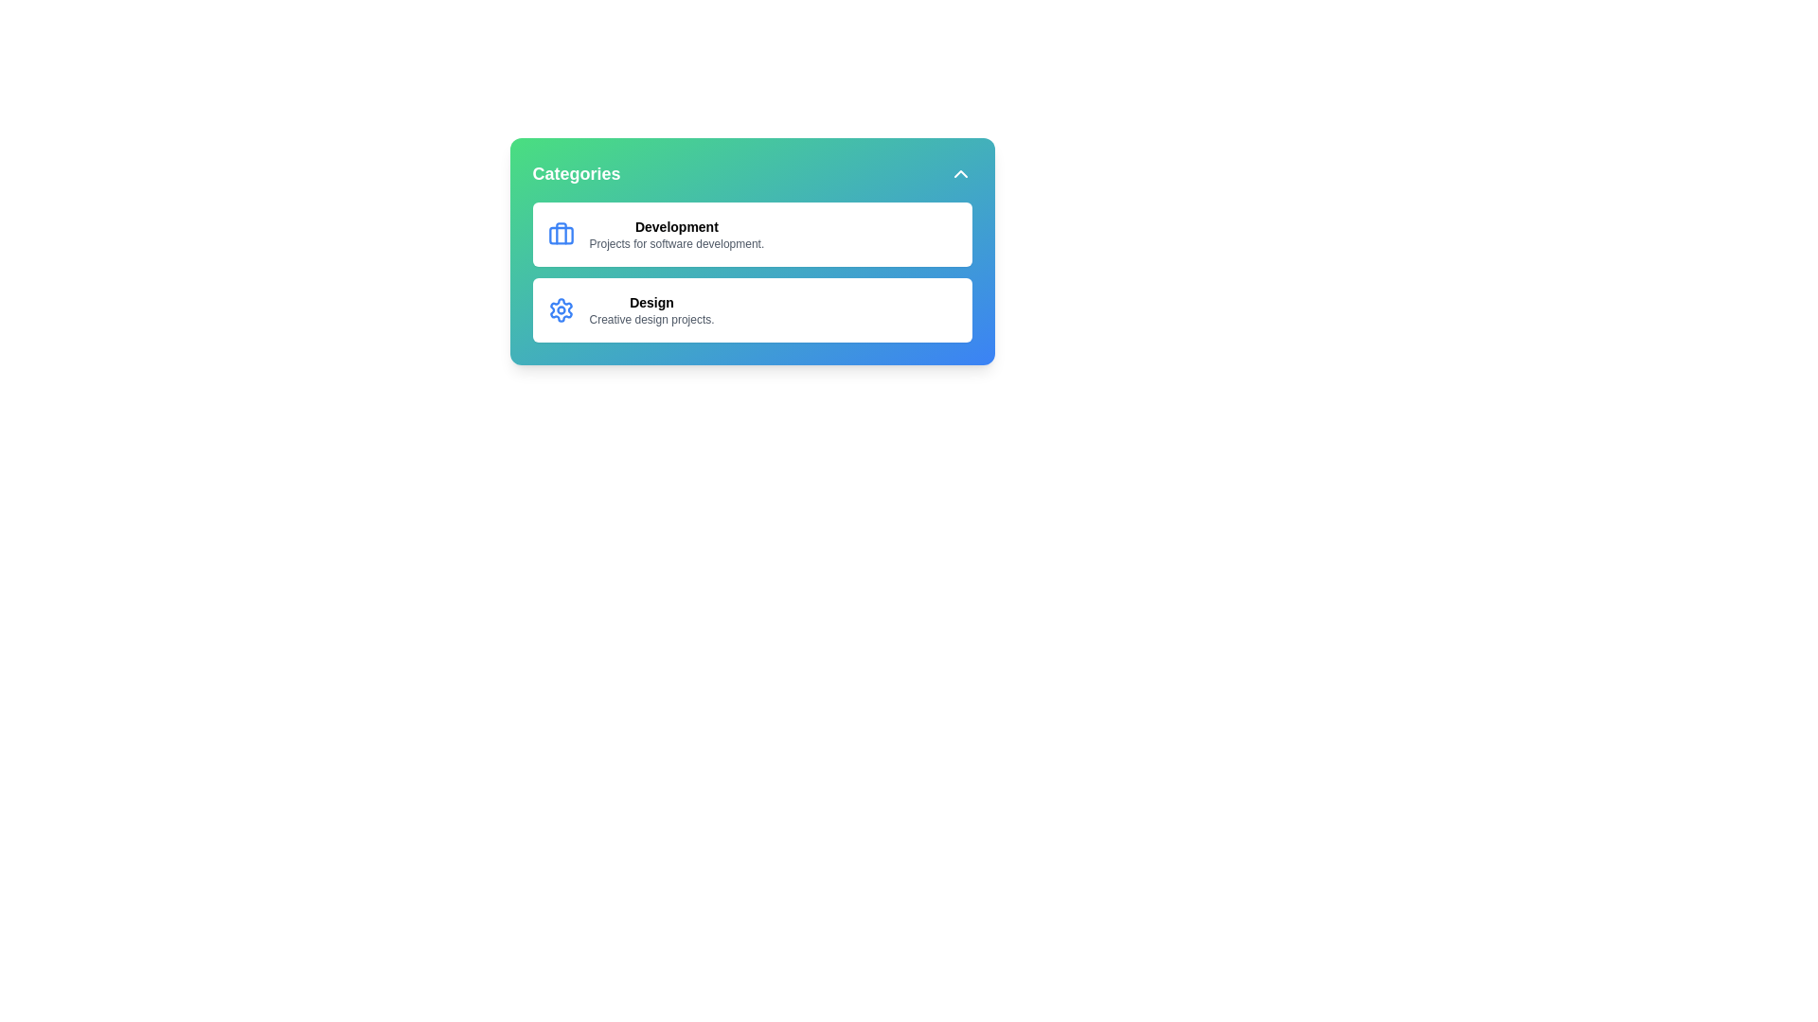 Image resolution: width=1818 pixels, height=1022 pixels. I want to click on the category Development to view additional visual feedback, so click(751, 233).